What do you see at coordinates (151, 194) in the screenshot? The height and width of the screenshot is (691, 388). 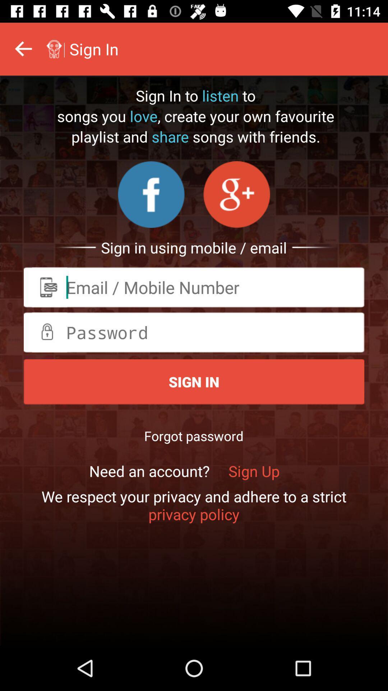 I see `the facebook icon` at bounding box center [151, 194].